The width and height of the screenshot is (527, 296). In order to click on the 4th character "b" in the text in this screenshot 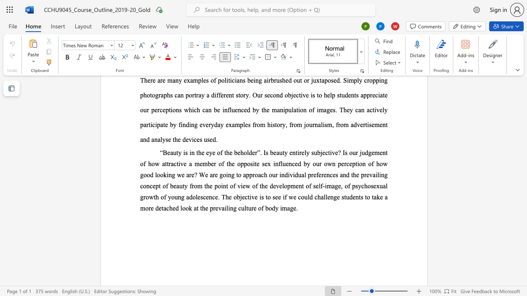, I will do `click(209, 164)`.